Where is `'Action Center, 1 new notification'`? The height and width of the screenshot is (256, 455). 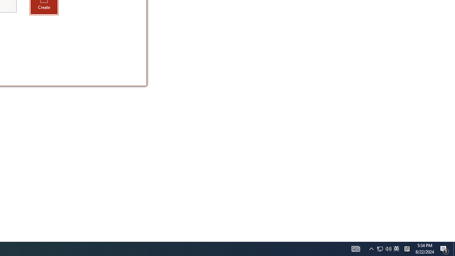
'Action Center, 1 new notification' is located at coordinates (444, 248).